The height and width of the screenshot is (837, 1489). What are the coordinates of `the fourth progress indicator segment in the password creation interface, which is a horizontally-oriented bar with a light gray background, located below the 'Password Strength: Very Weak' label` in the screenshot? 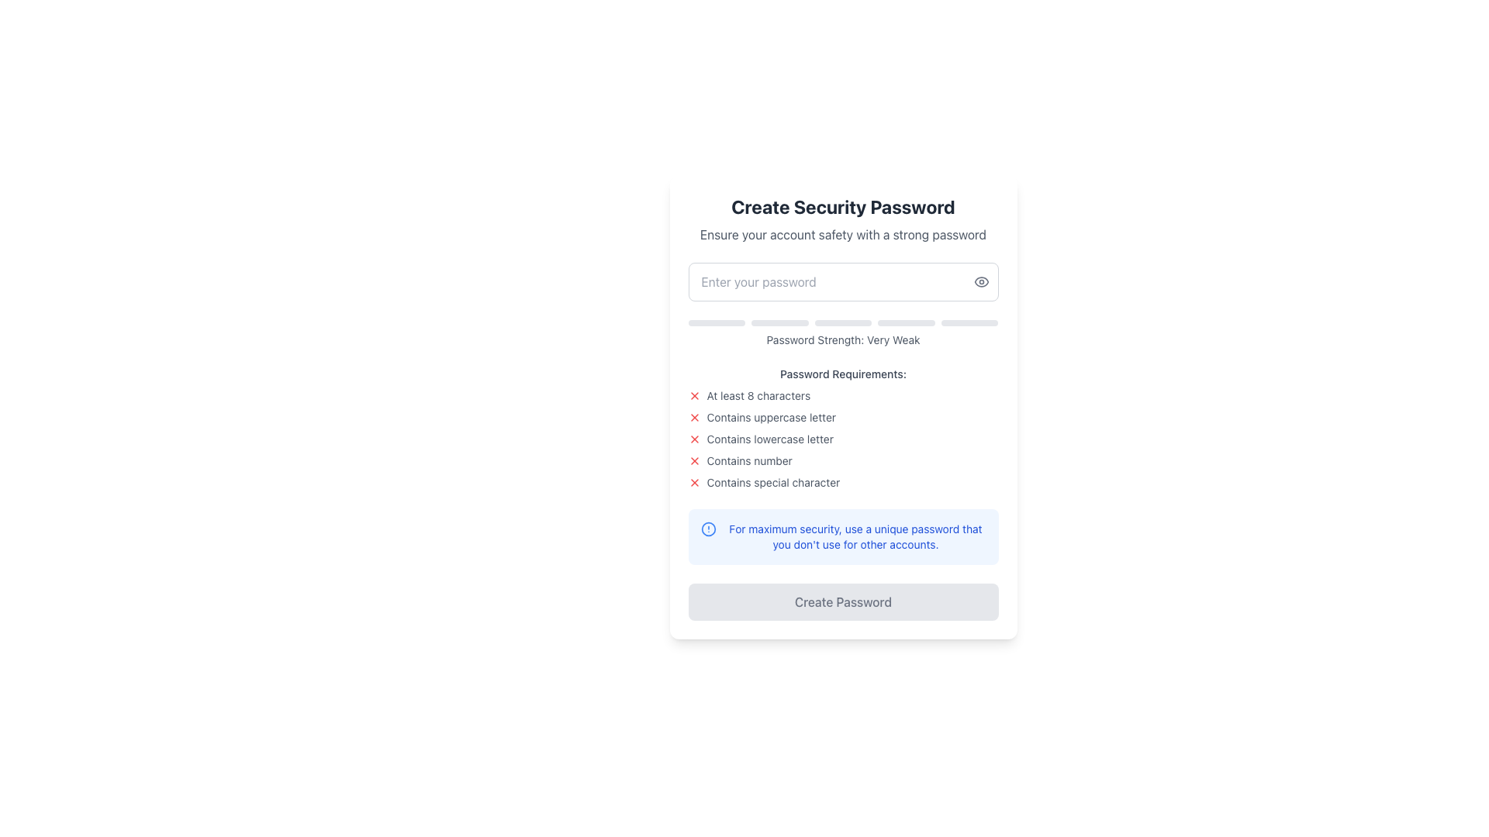 It's located at (907, 322).